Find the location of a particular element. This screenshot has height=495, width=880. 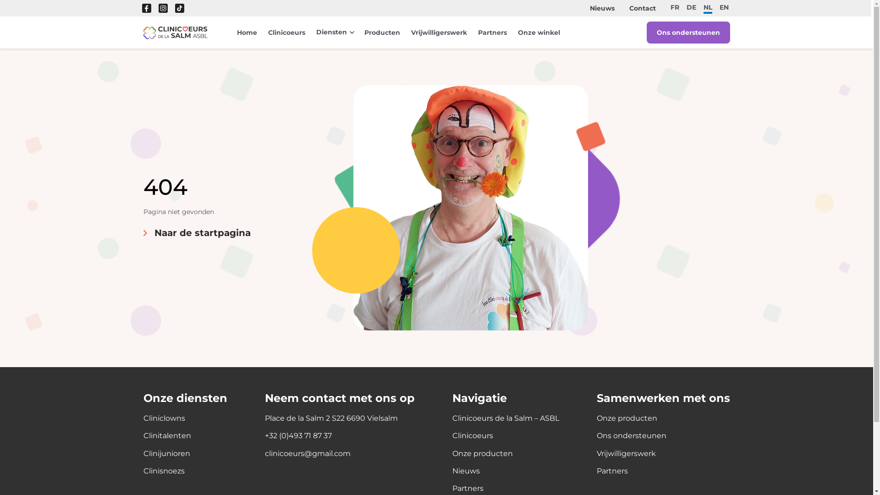

'Tik Tok' is located at coordinates (180, 8).